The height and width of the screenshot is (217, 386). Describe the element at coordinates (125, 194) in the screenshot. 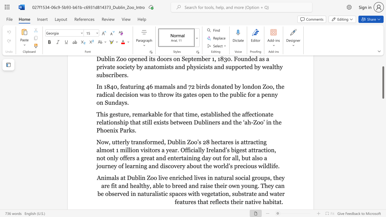

I see `the subset text "d in naturalistic spaces with vegetatio" within the text "Animals at Dublin Zoo live enriched lives in natural social groups, they are fit and healthy, able to breed and raise their own young. They can be observed in naturalistic spaces with vegetation, substrate and water features that reflects their native habitat."` at that location.